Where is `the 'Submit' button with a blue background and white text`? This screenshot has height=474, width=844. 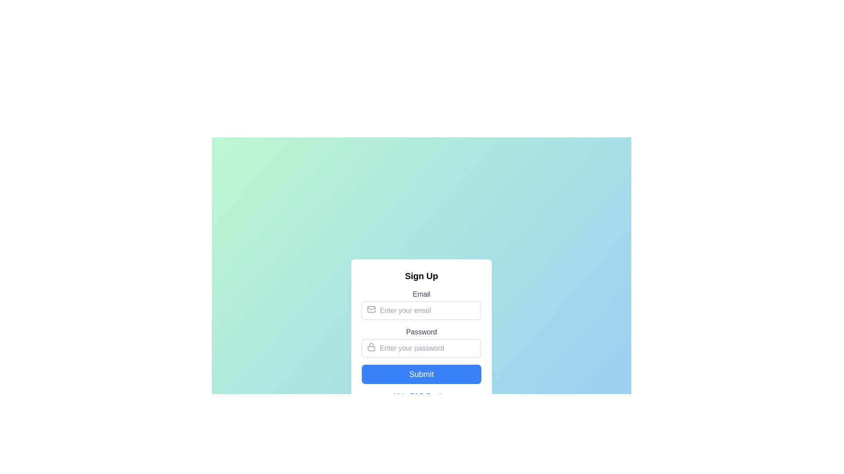 the 'Submit' button with a blue background and white text is located at coordinates (421, 374).